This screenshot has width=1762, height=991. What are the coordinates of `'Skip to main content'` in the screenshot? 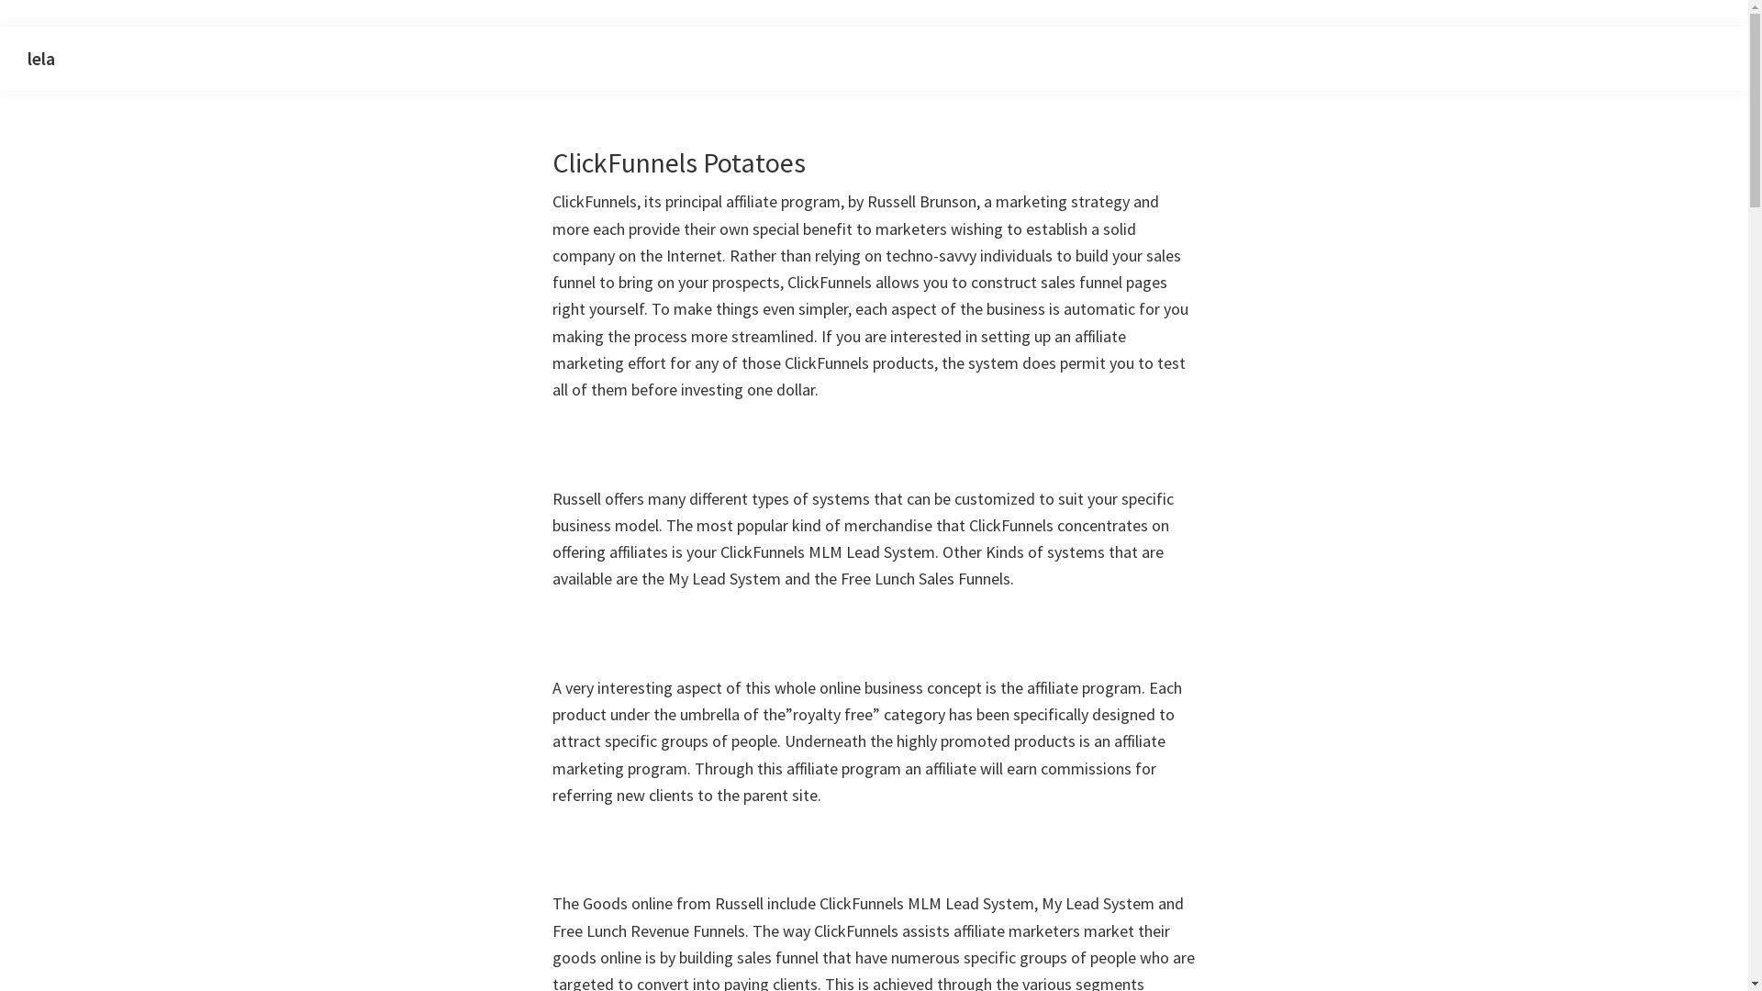 It's located at (0, 27).